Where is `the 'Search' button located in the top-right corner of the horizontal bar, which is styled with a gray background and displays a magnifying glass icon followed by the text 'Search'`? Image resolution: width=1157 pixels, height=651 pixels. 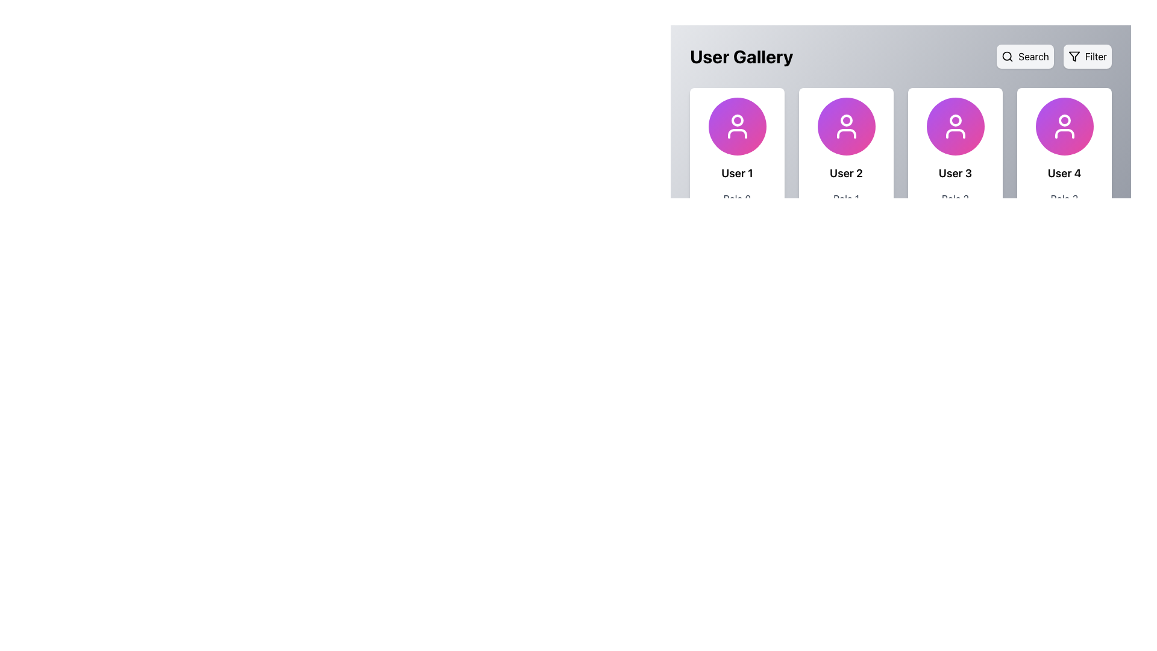
the 'Search' button located in the top-right corner of the horizontal bar, which is styled with a gray background and displays a magnifying glass icon followed by the text 'Search' is located at coordinates (1024, 56).